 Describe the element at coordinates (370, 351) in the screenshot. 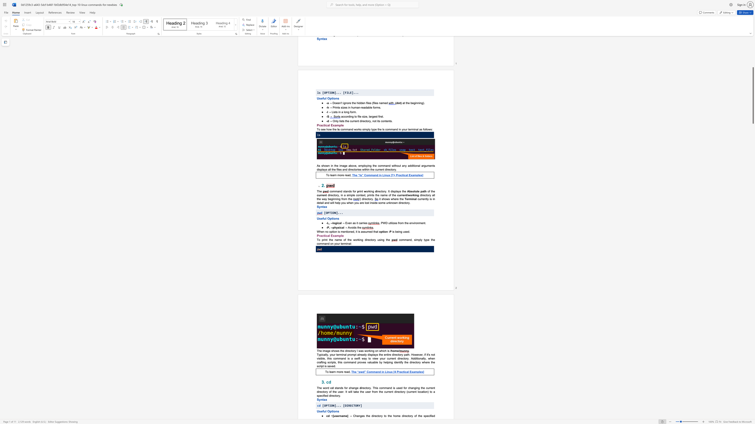

I see `the 3th character "i" in the text` at that location.